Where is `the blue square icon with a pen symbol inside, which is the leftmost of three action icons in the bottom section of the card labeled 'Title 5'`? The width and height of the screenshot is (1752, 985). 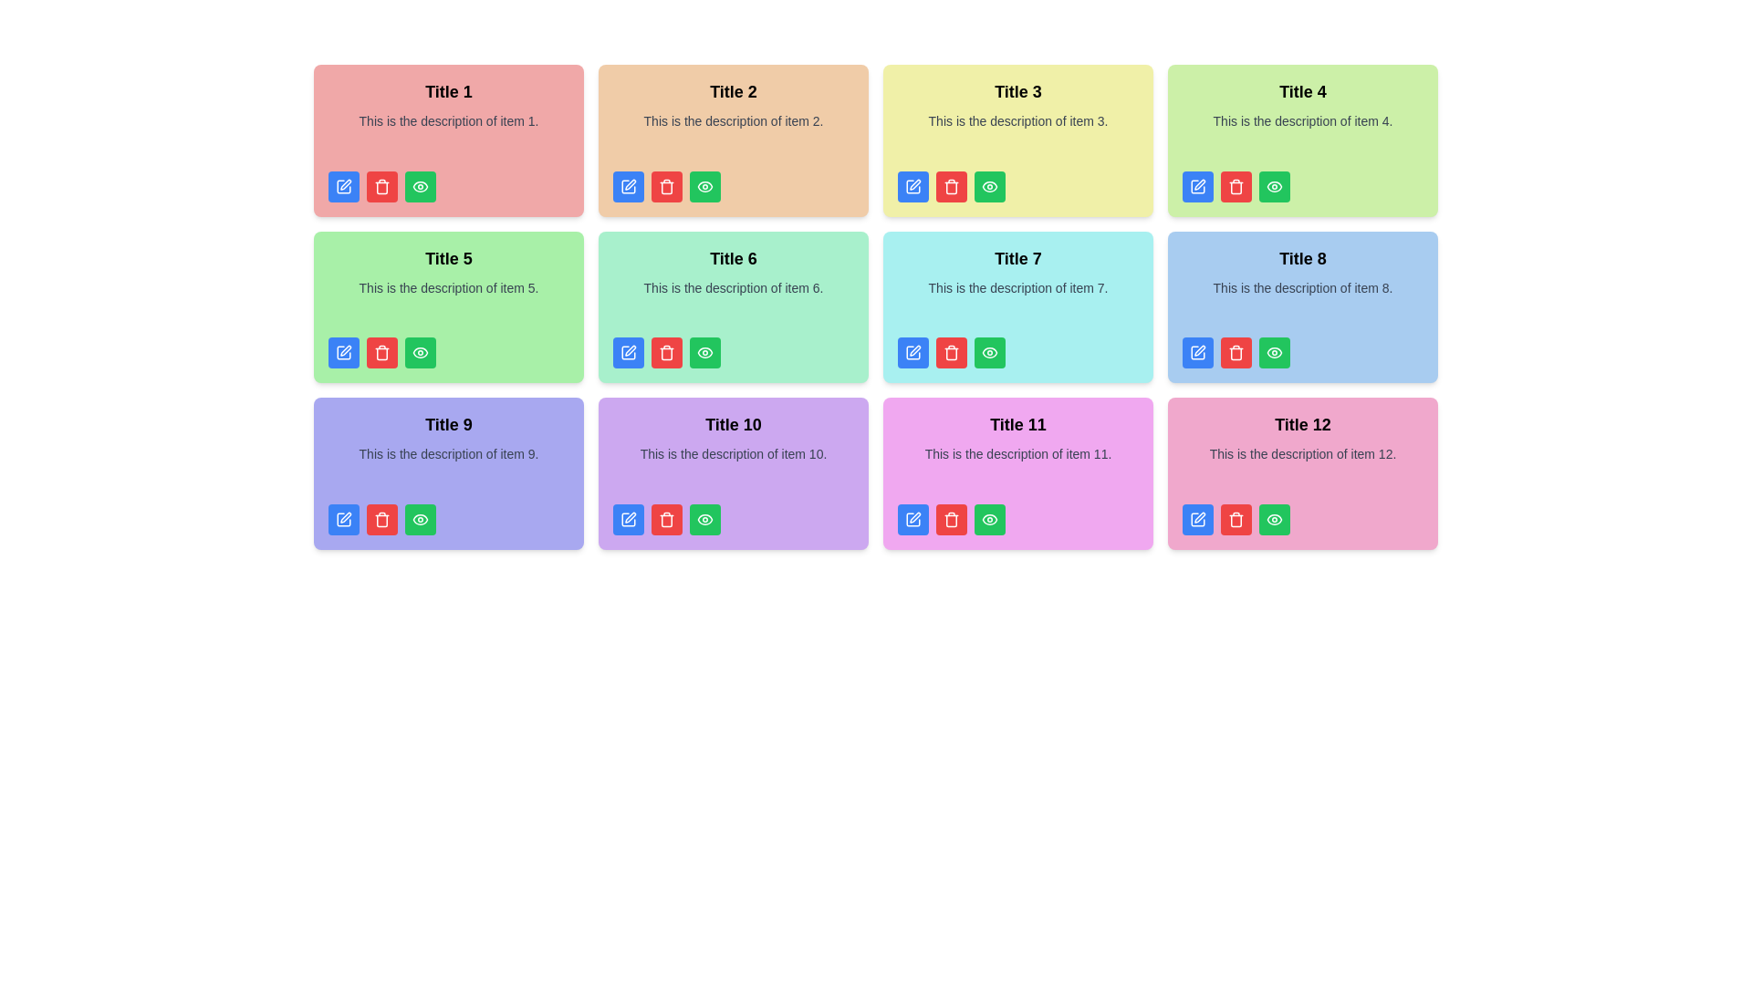
the blue square icon with a pen symbol inside, which is the leftmost of three action icons in the bottom section of the card labeled 'Title 5' is located at coordinates (344, 186).